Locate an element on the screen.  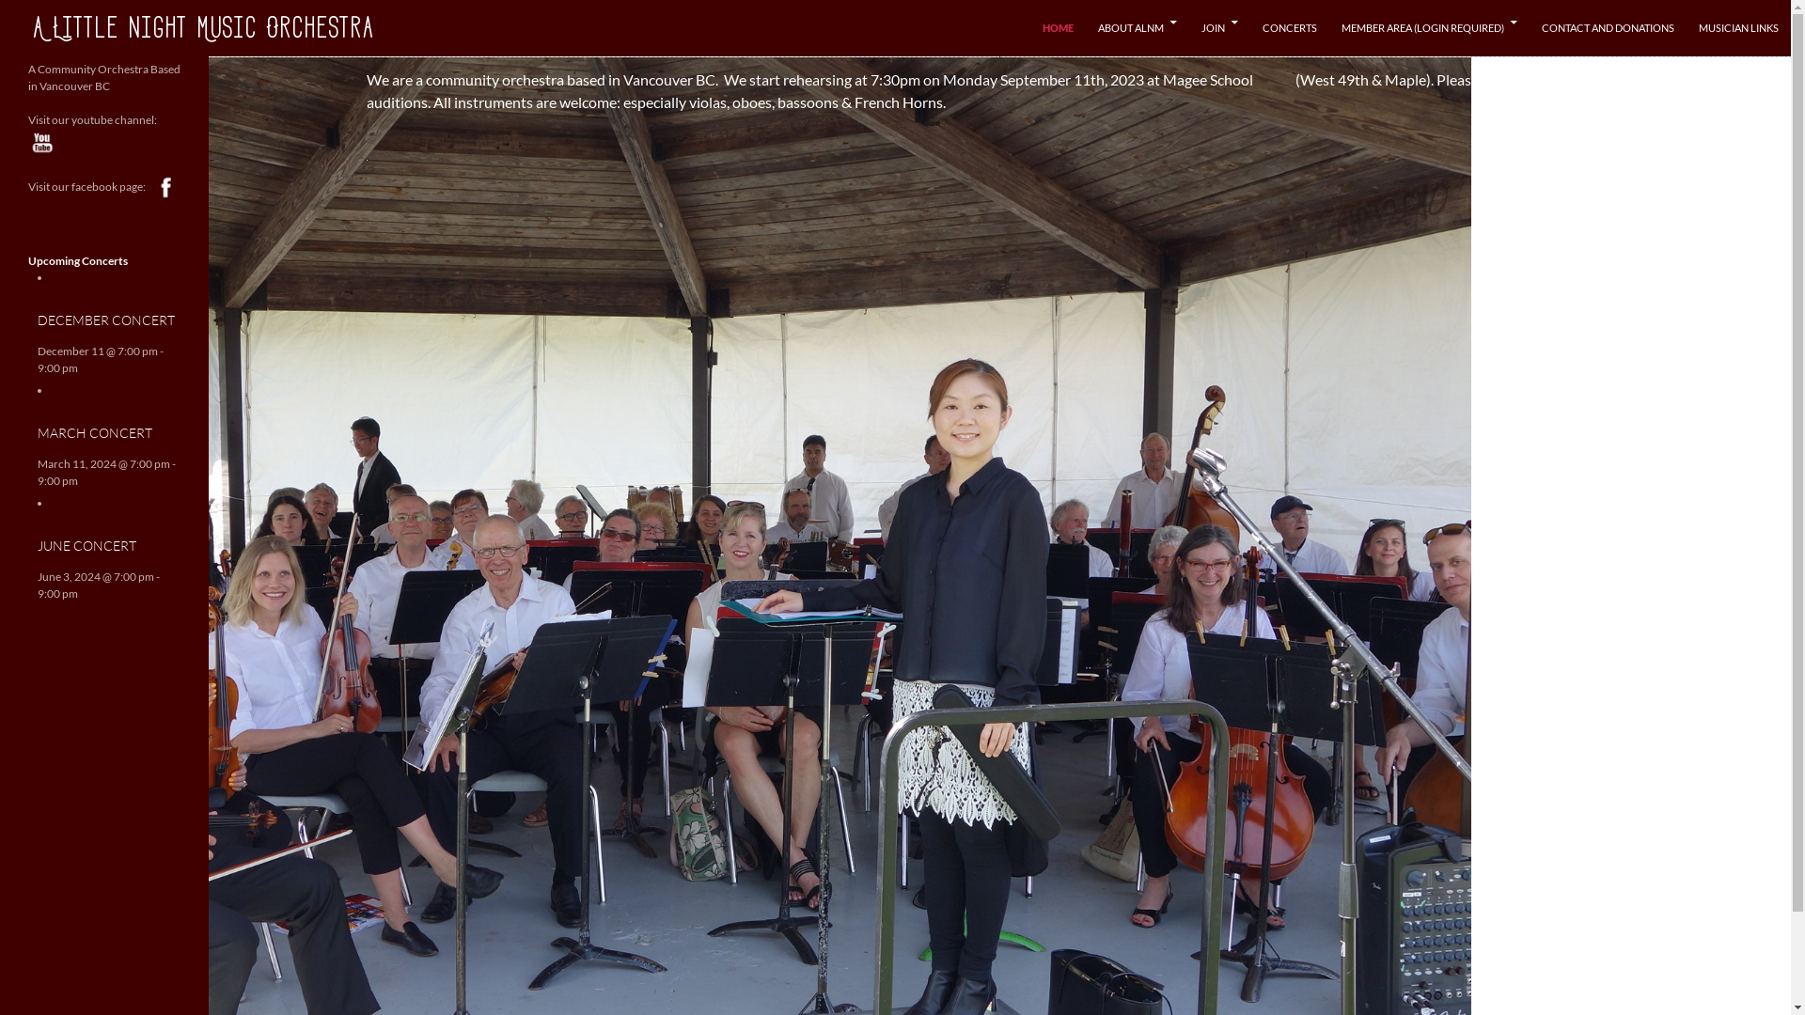
'MUSICIAN LINKS' is located at coordinates (1737, 28).